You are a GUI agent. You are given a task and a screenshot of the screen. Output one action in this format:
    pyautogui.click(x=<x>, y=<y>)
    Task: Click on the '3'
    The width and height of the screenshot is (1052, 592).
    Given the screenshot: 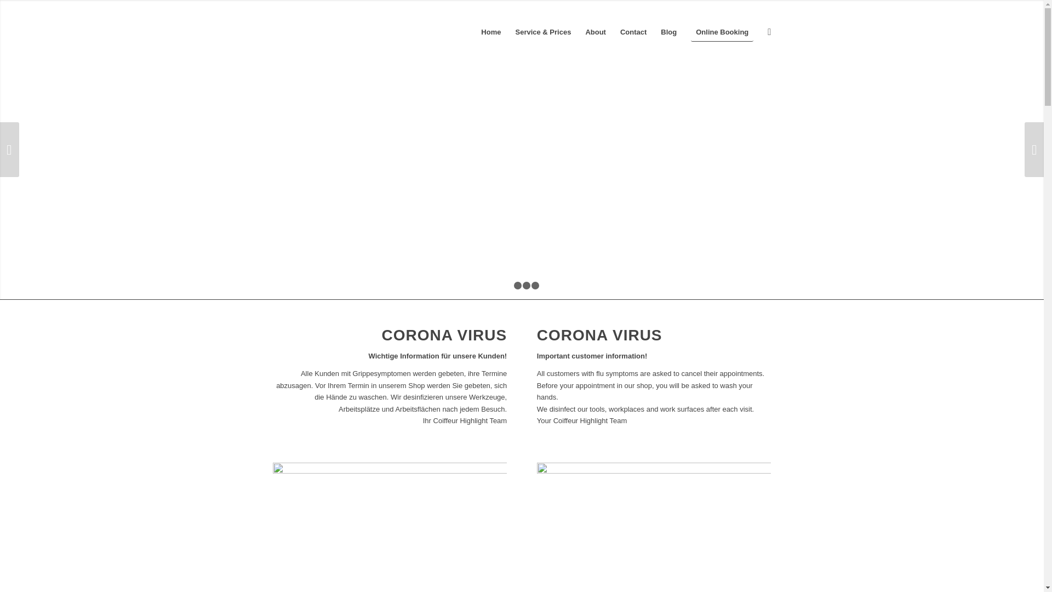 What is the action you would take?
    pyautogui.click(x=526, y=284)
    